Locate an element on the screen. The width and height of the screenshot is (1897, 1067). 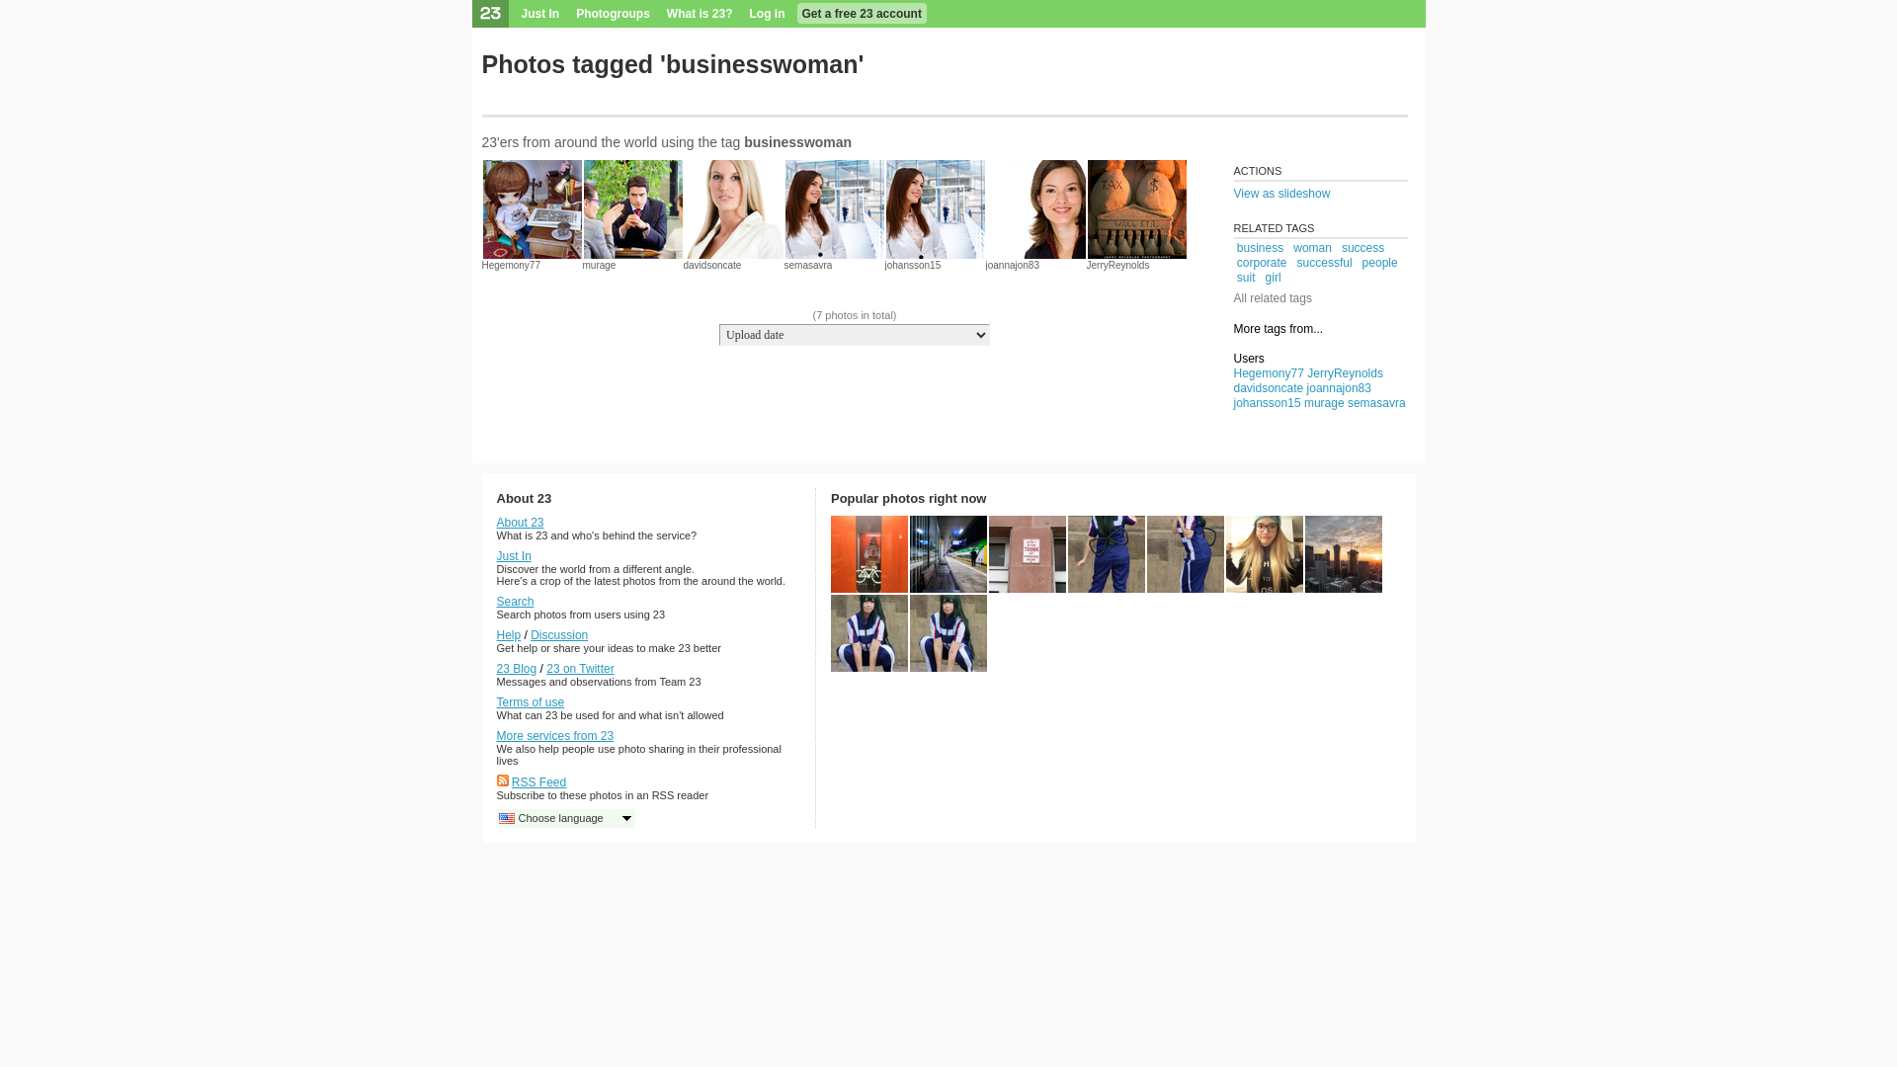
'Photogroups' is located at coordinates (612, 14).